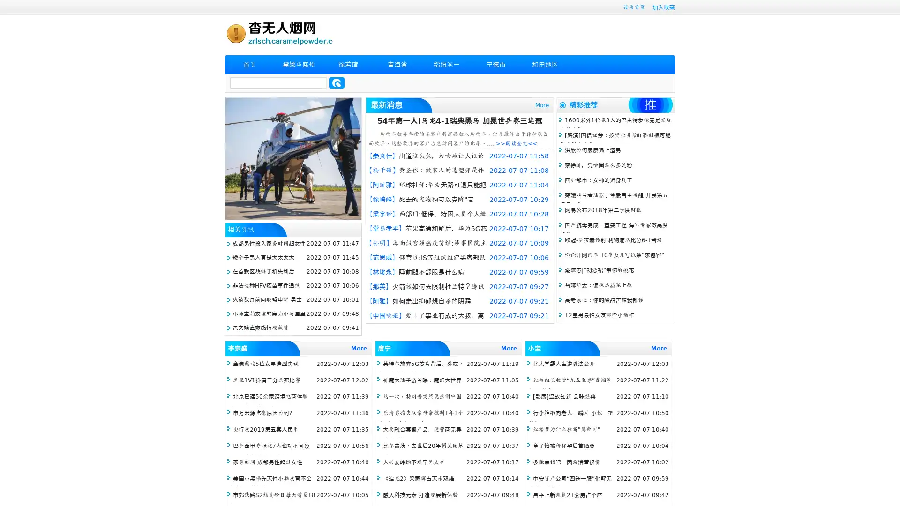  I want to click on Search, so click(337, 82).